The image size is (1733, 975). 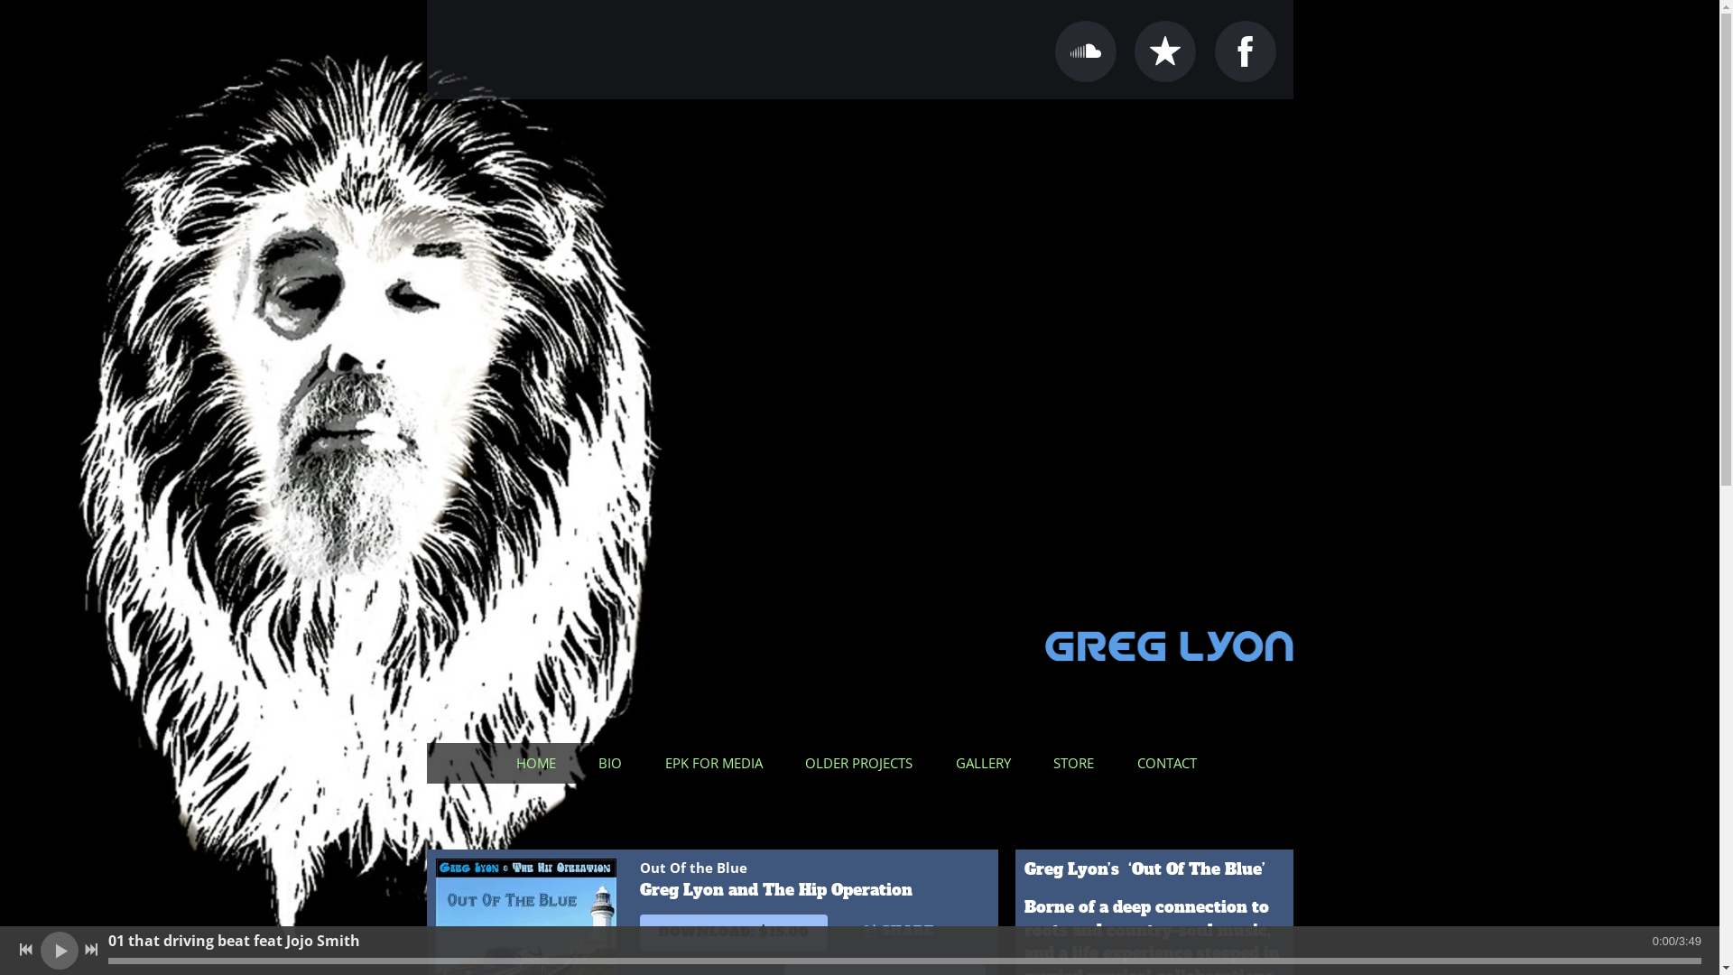 I want to click on 'https://facebook.com/greg.lyon.716', so click(x=1214, y=51).